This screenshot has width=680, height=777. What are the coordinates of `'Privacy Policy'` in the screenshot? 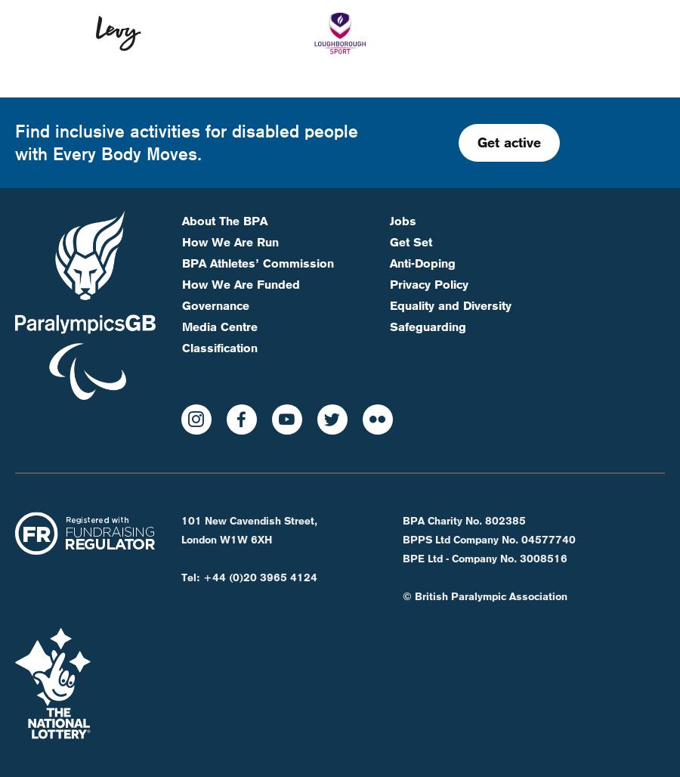 It's located at (428, 233).